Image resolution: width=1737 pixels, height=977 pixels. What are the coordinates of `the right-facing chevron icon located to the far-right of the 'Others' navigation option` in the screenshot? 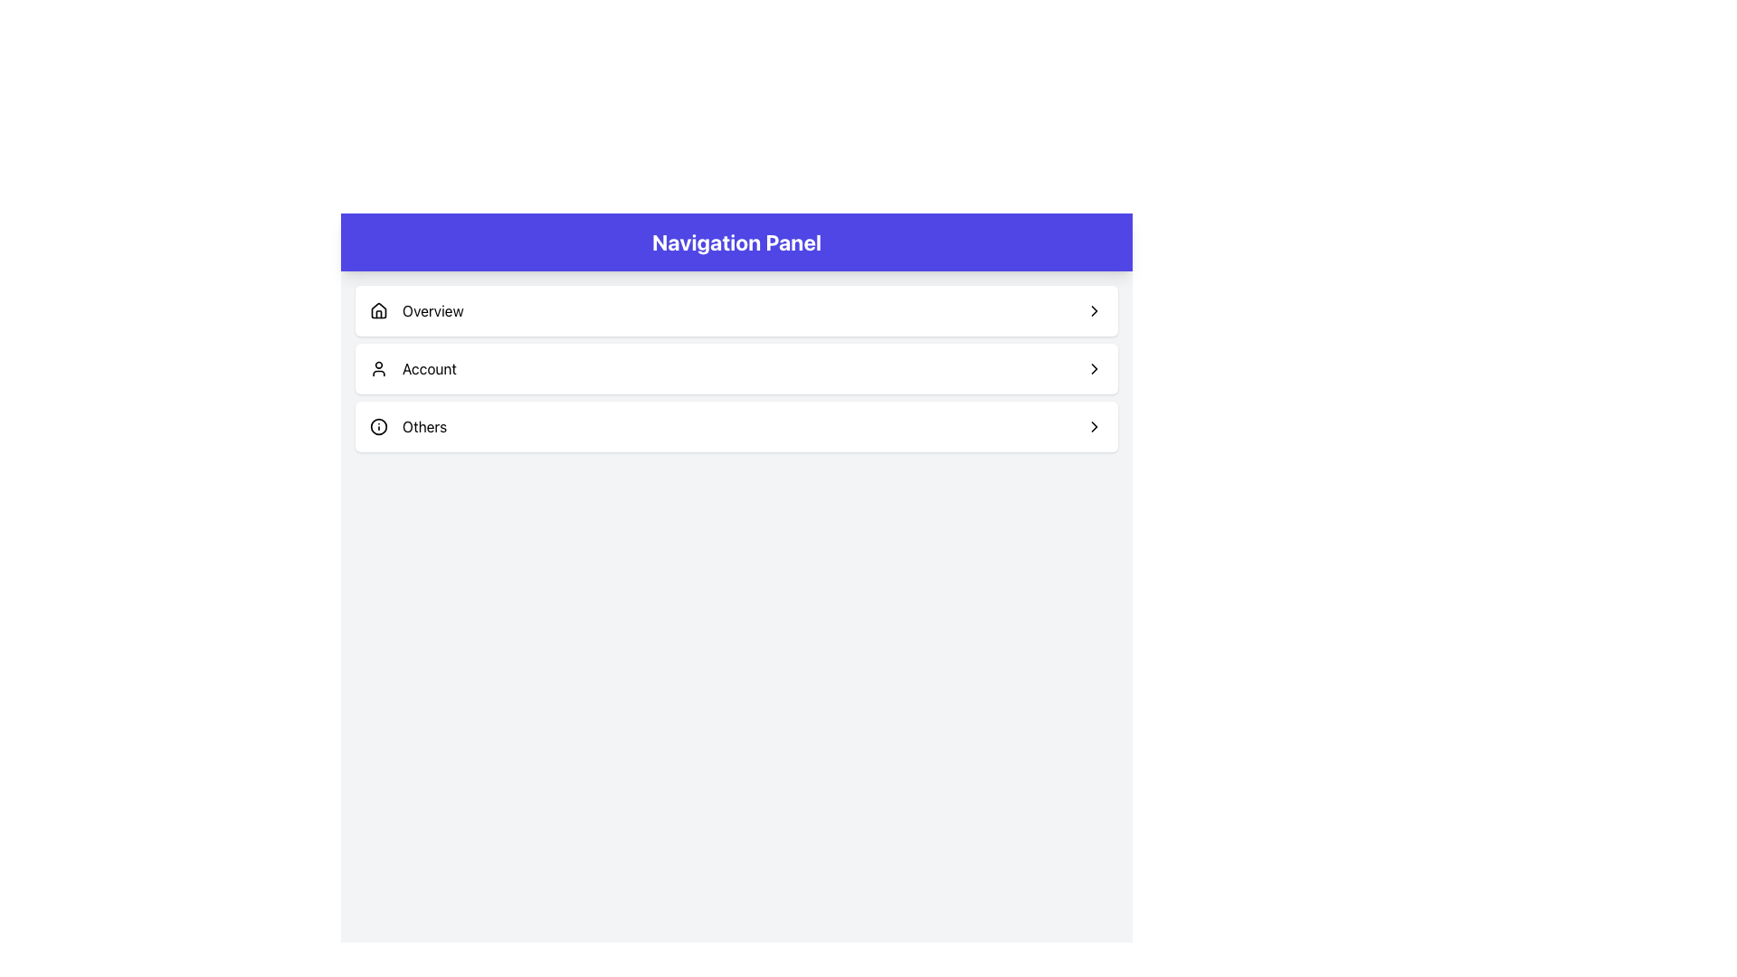 It's located at (1093, 426).